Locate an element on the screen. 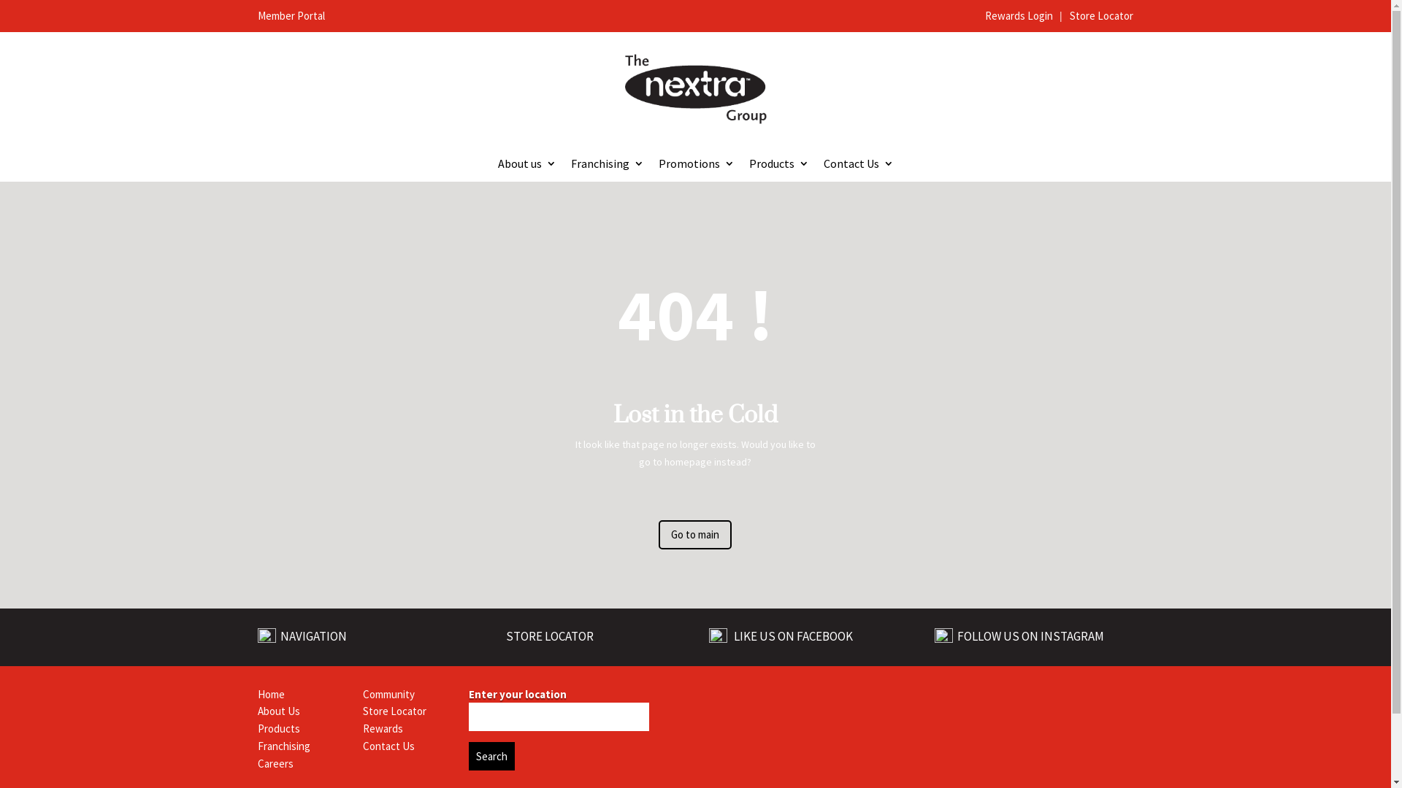 This screenshot has width=1402, height=788. 'Franchising' is located at coordinates (607, 165).